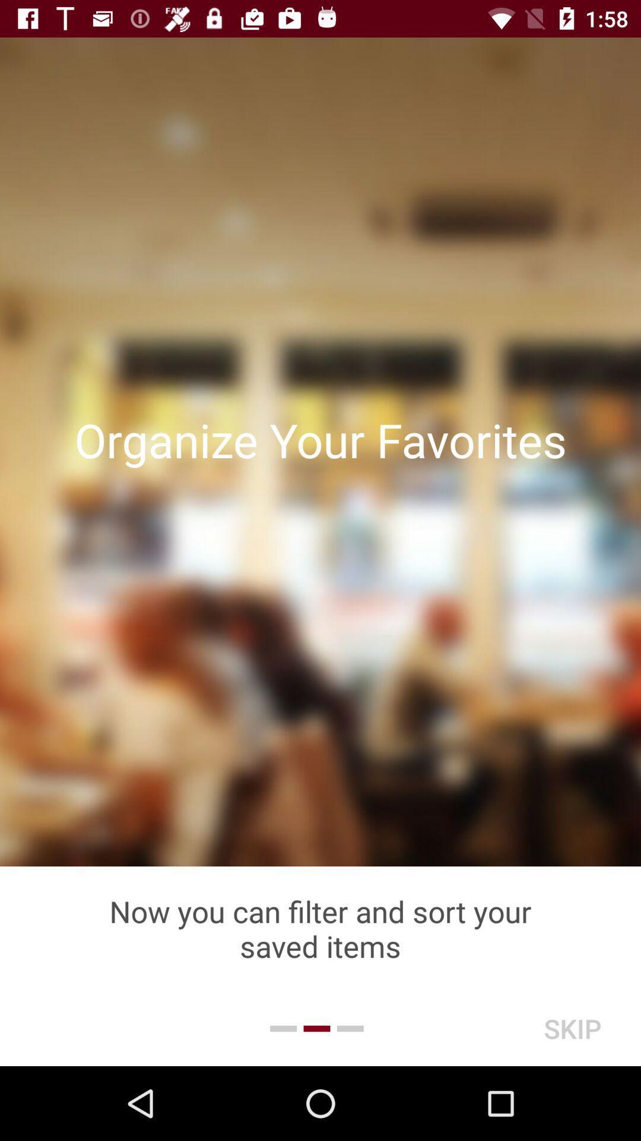 The width and height of the screenshot is (641, 1141). Describe the element at coordinates (320, 928) in the screenshot. I see `the icon below organize your favorites item` at that location.